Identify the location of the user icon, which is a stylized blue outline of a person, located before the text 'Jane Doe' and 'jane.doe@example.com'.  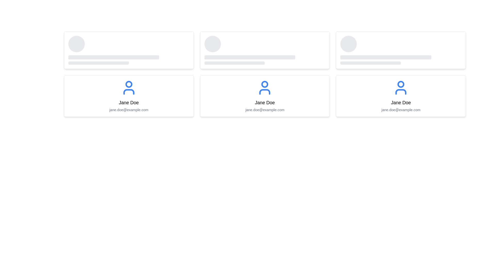
(129, 87).